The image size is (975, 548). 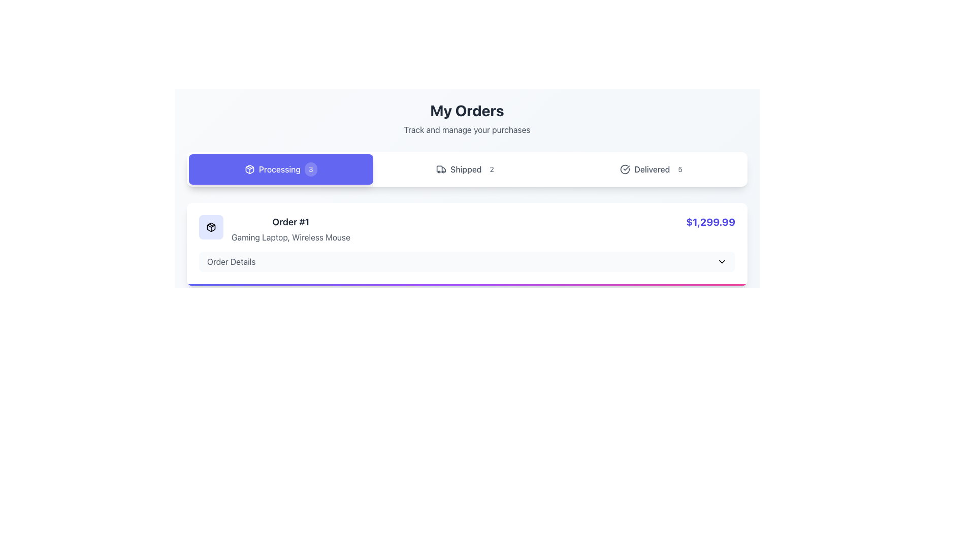 I want to click on text label displaying the word 'Shipped', which is positioned horizontally between a truck icon and the number '2', so click(x=465, y=169).